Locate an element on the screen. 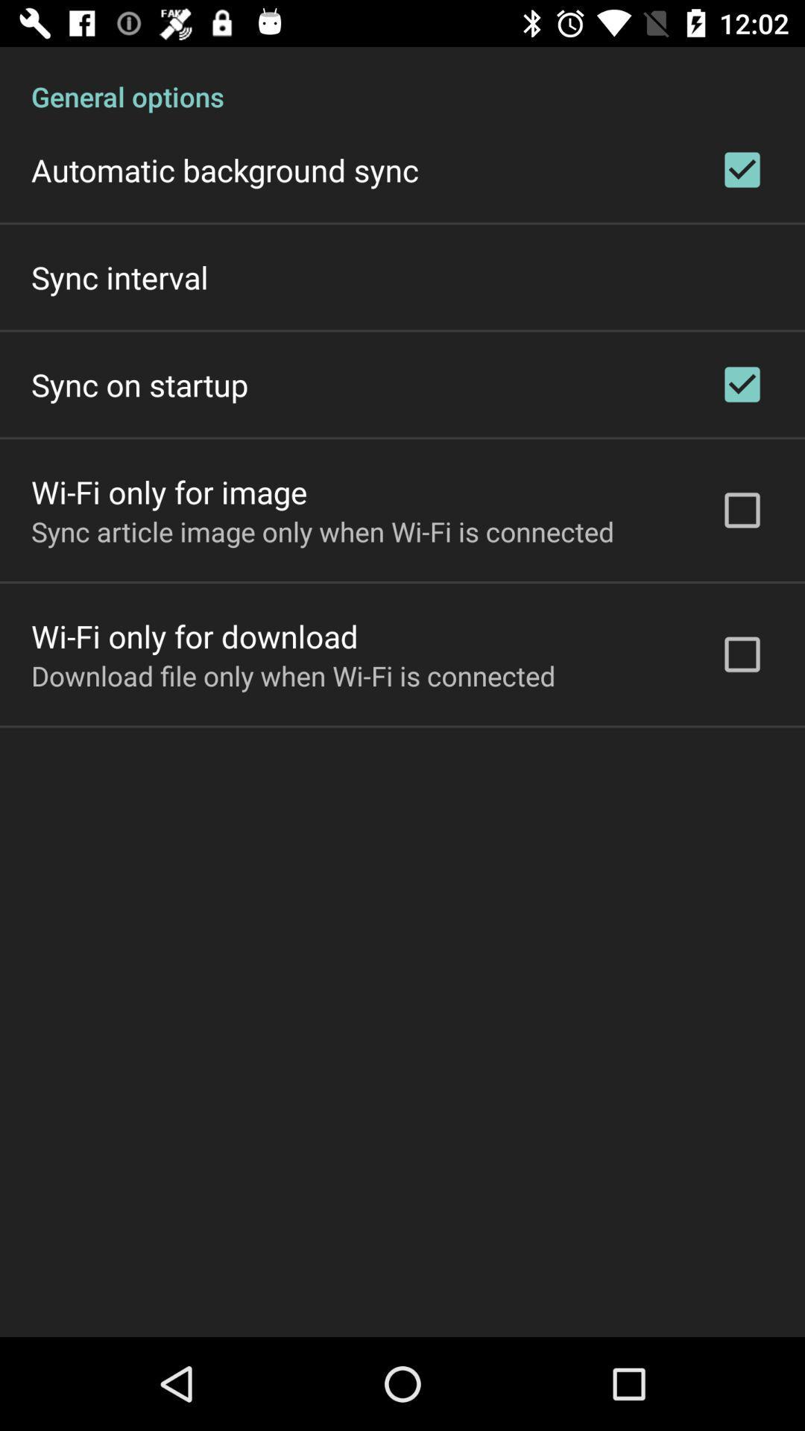 The width and height of the screenshot is (805, 1431). the icon above wi fi only item is located at coordinates (322, 531).